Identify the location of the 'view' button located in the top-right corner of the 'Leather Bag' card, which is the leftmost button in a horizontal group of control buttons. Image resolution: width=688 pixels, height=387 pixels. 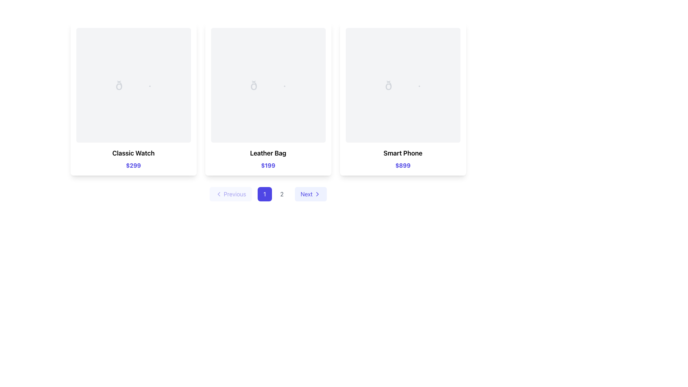
(308, 30).